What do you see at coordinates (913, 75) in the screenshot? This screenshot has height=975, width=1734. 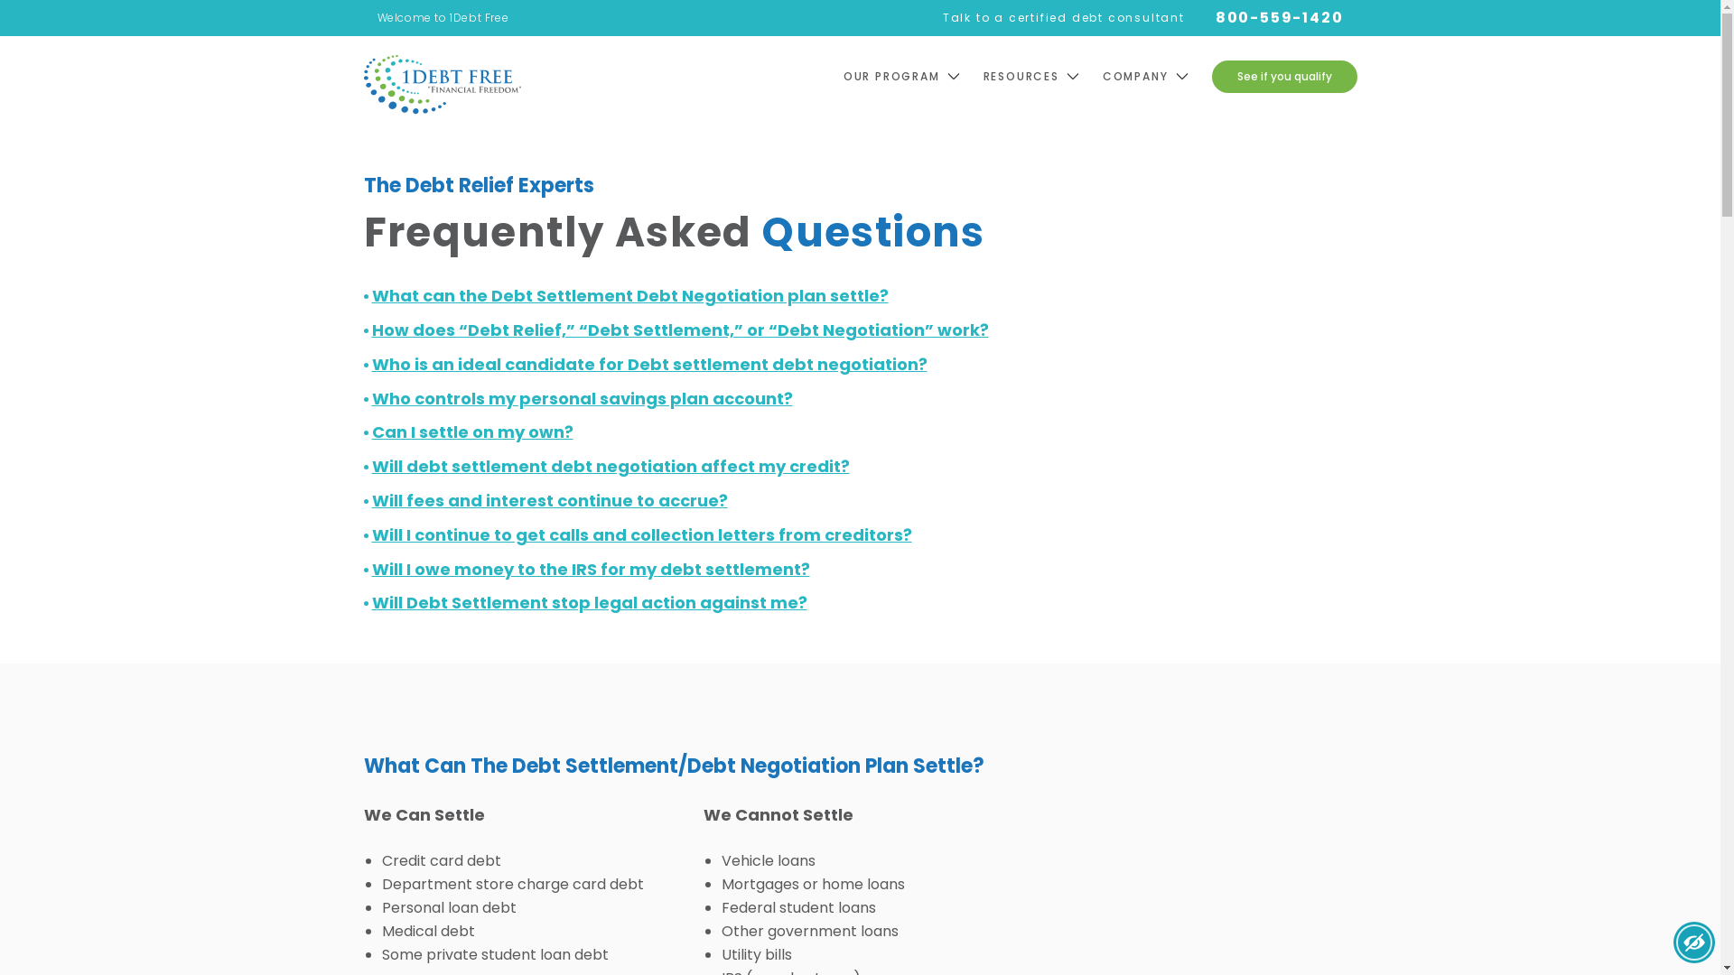 I see `'OUR PROGRAM'` at bounding box center [913, 75].